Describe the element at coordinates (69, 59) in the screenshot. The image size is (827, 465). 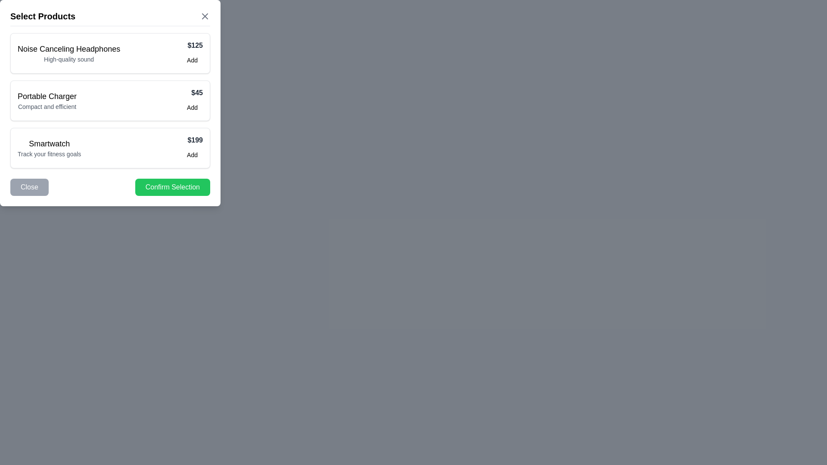
I see `the descriptive Text label for 'Noise Canceling Headphones' within the modal dialog titled 'Select Products', located under the heading and to the left of pricing and button elements` at that location.